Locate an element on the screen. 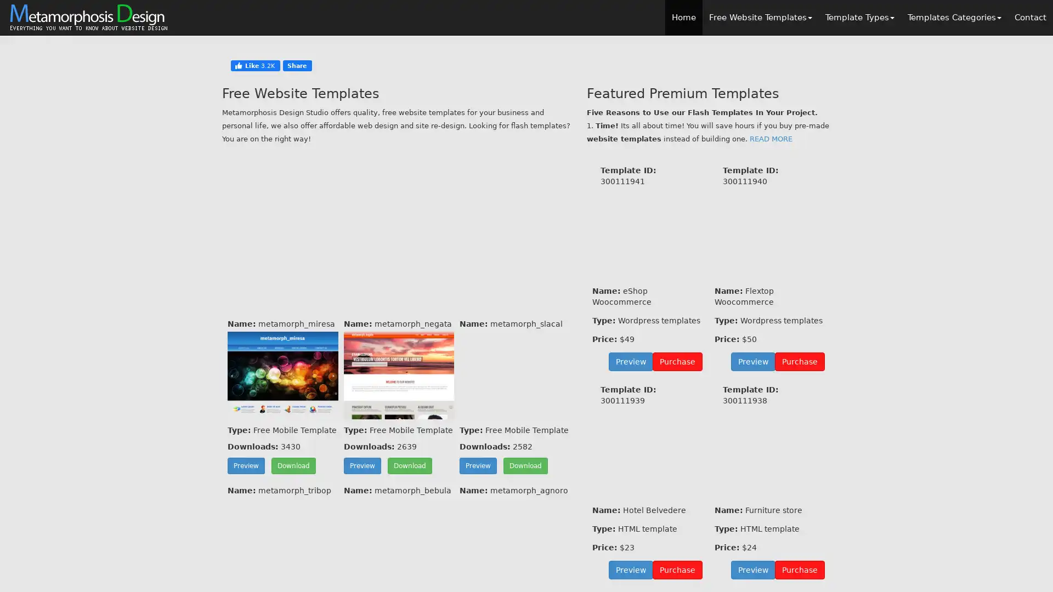 The width and height of the screenshot is (1053, 592). Purchase is located at coordinates (799, 570).